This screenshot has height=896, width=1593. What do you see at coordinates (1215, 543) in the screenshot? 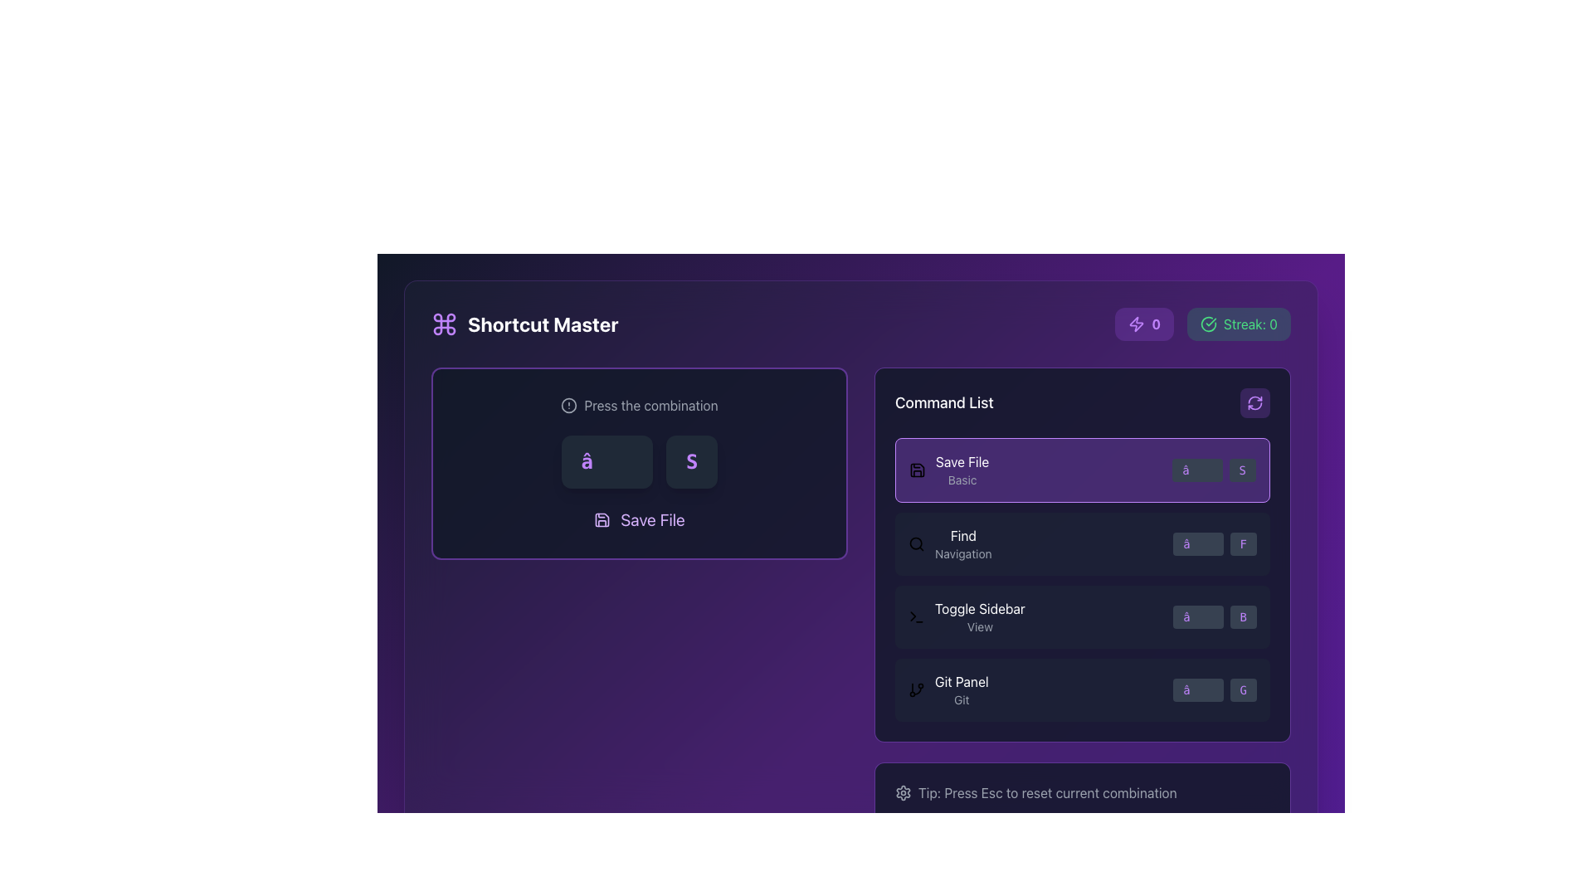
I see `the Keyboard shortcut representation with '⌘' and 'F' symbols located in the 'Command List' panel, which is the fourth item in the list` at bounding box center [1215, 543].